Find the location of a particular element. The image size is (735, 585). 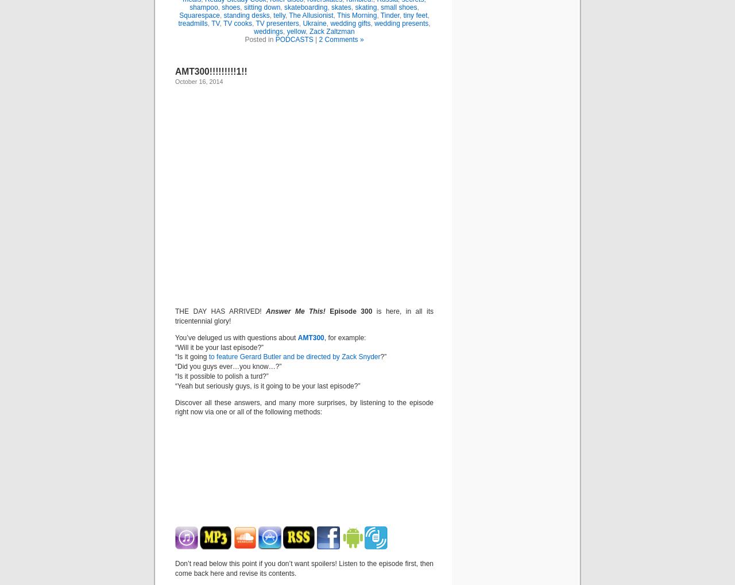

'October 16, 2014' is located at coordinates (199, 81).